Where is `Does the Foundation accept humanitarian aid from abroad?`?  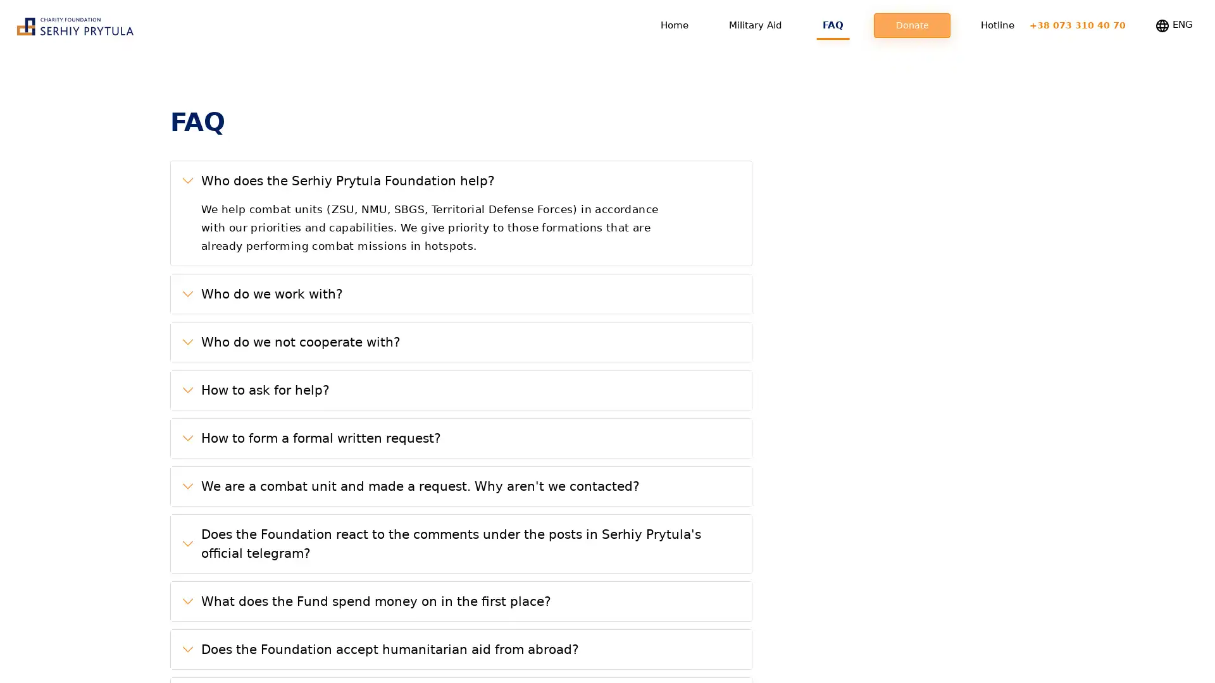 Does the Foundation accept humanitarian aid from abroad? is located at coordinates (460, 649).